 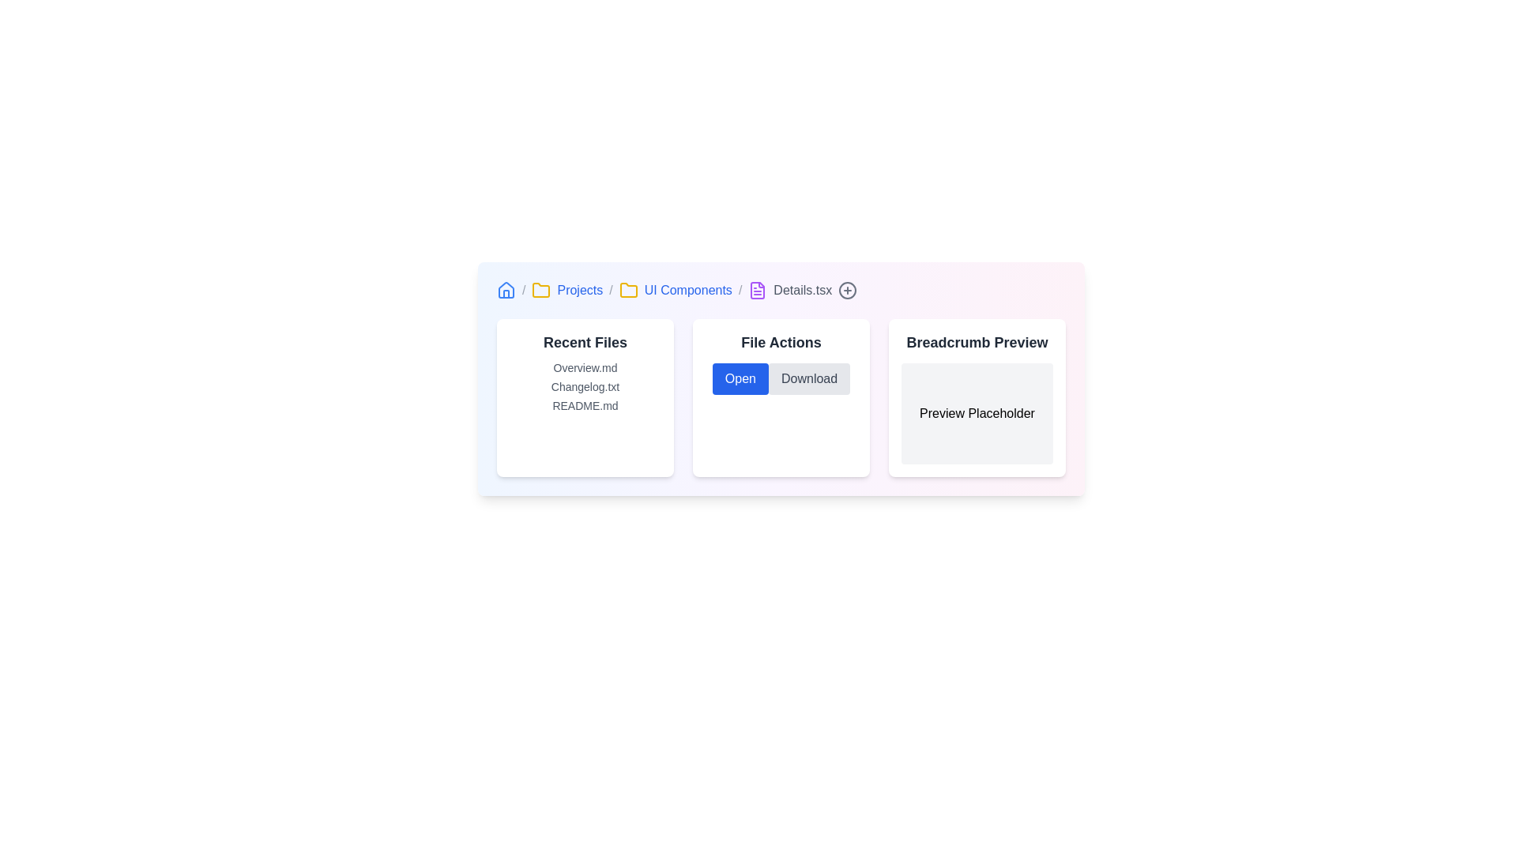 I want to click on the second item in the 'Recent Files' section, which is the link for 'Changelog.txt', to trigger the style change, so click(x=584, y=386).